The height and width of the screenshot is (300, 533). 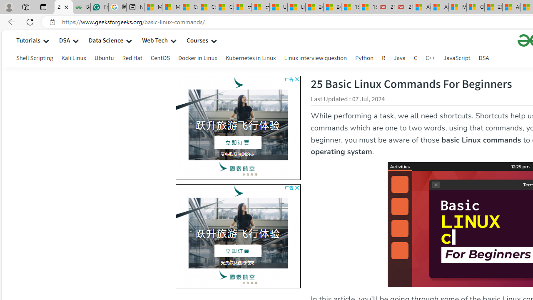 What do you see at coordinates (296, 187) in the screenshot?
I see `'AutomationID: cbb'` at bounding box center [296, 187].